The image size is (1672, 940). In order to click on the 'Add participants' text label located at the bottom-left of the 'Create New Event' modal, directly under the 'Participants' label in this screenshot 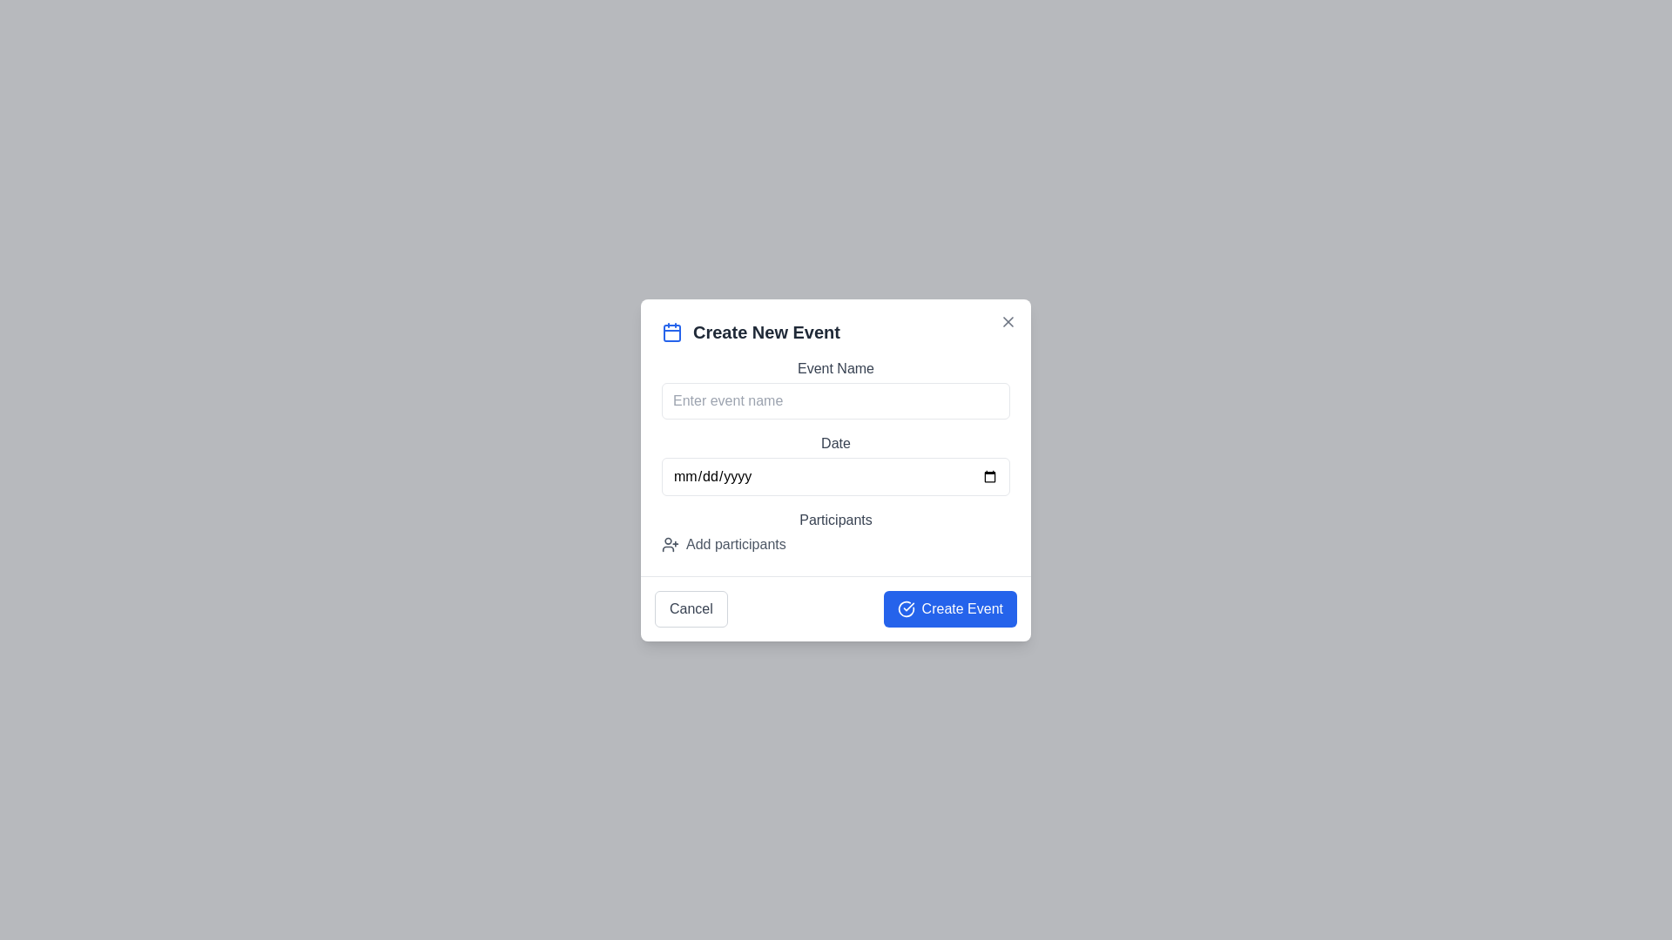, I will do `click(736, 543)`.